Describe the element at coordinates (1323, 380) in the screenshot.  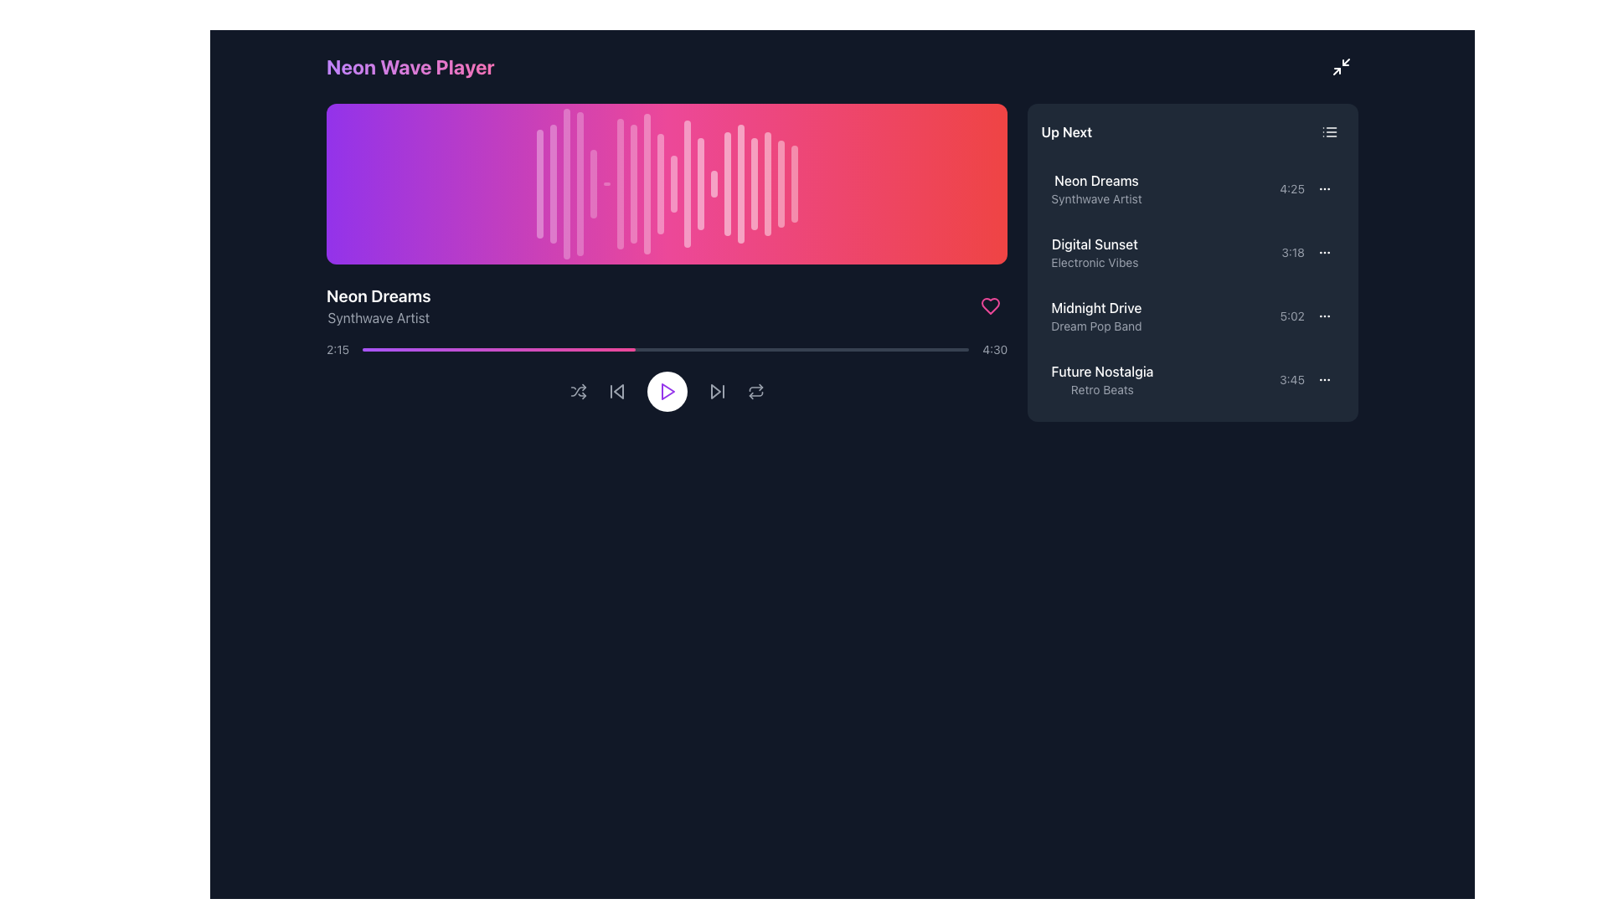
I see `the horizontal ellipsis icon located in the 'Up Next' section next to the song 'Future Nostalgia' by 'Retro Beats'` at that location.